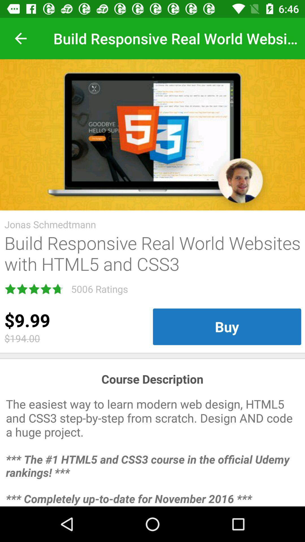 The image size is (305, 542). What do you see at coordinates (152, 134) in the screenshot?
I see `icon above jonas schmedtmann` at bounding box center [152, 134].